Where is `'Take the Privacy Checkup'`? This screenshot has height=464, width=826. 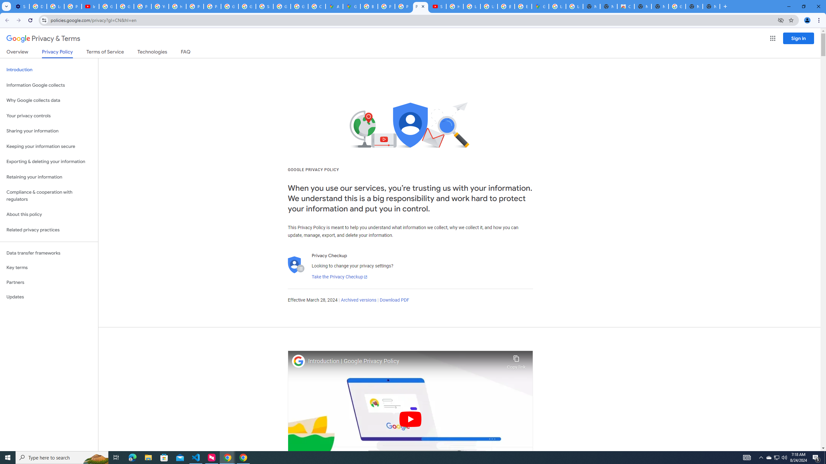
'Take the Privacy Checkup' is located at coordinates (339, 276).